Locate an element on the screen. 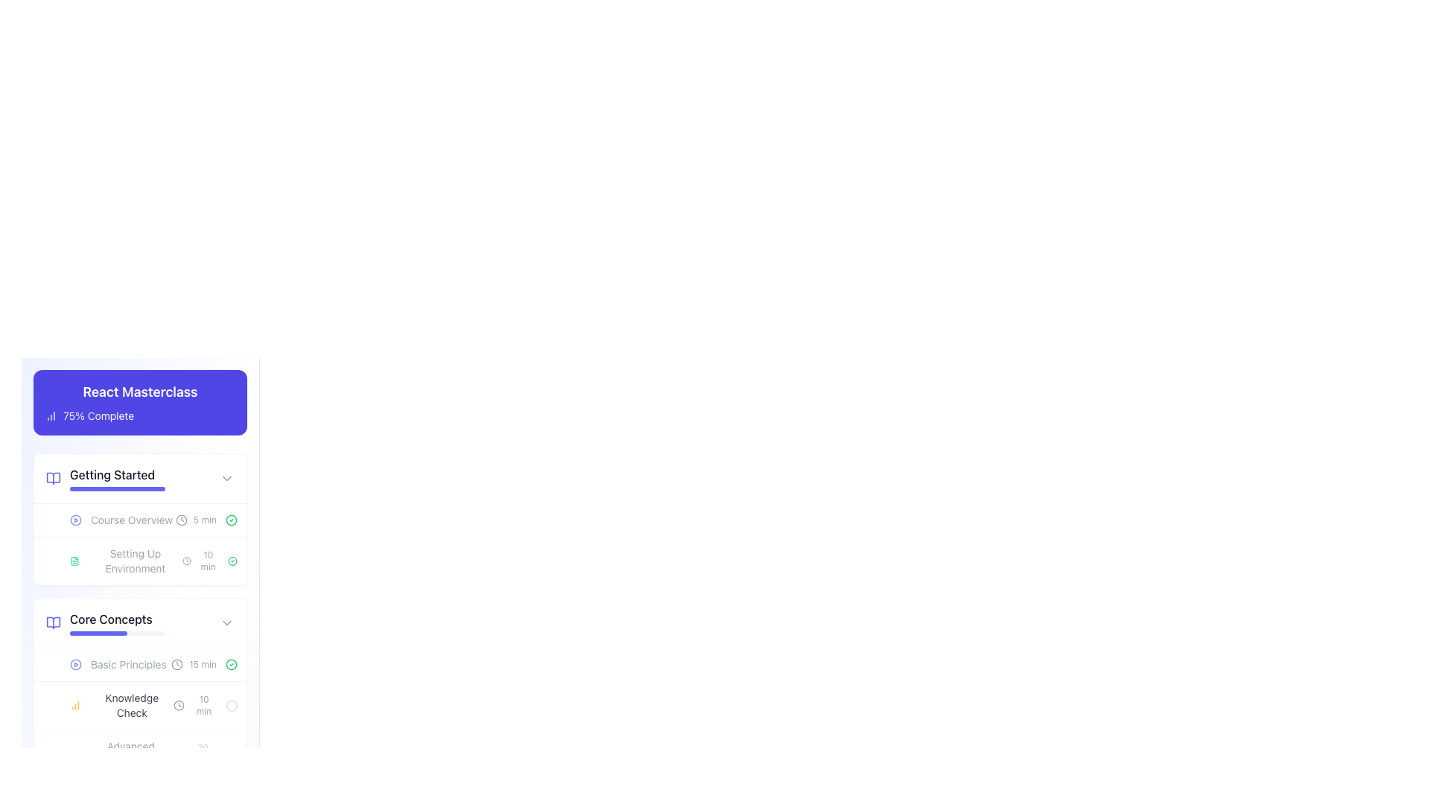 The height and width of the screenshot is (804, 1430). the time-related icon next to the text '10 min' in the 'Setting Up Environment' list item under the 'Getting Started' section is located at coordinates (186, 561).